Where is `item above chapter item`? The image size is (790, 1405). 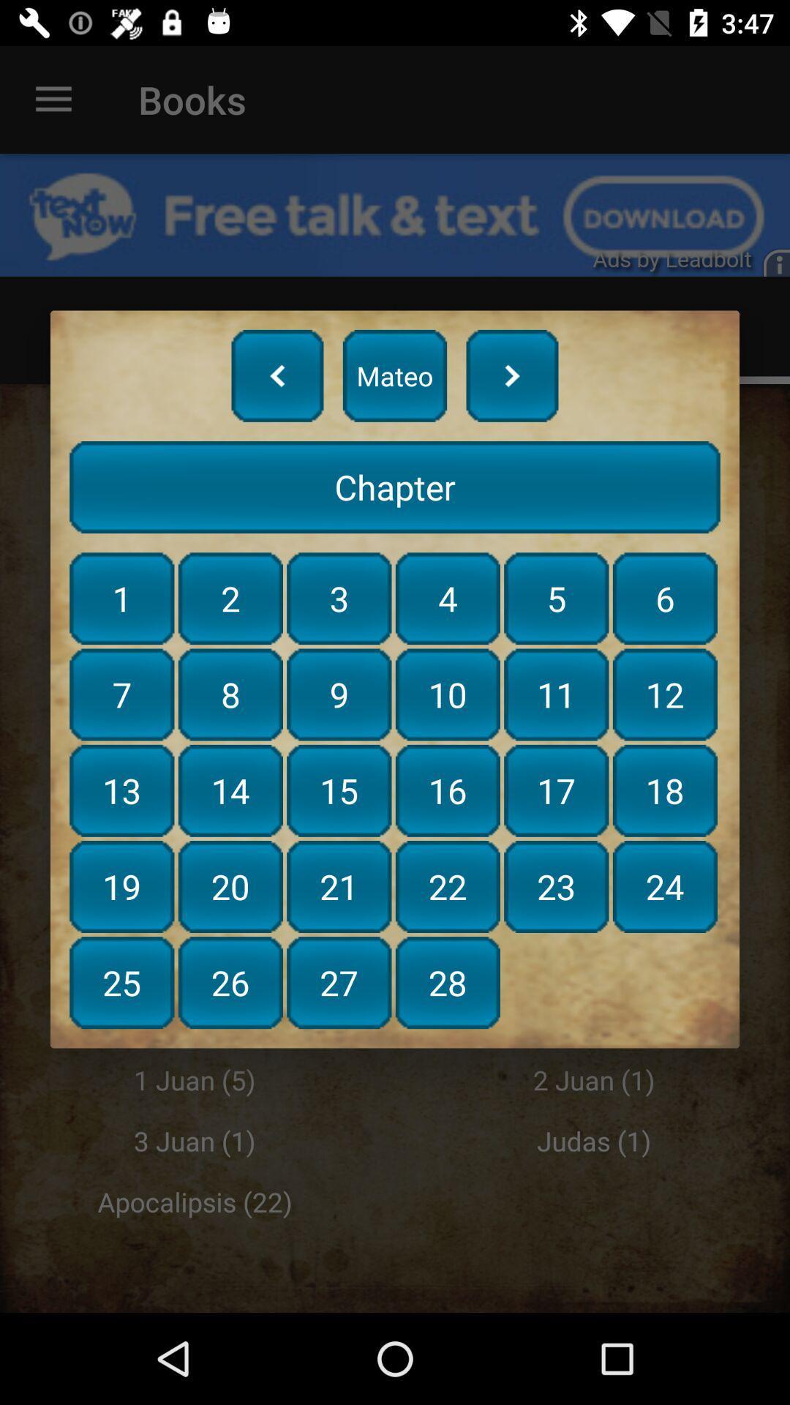
item above chapter item is located at coordinates (277, 375).